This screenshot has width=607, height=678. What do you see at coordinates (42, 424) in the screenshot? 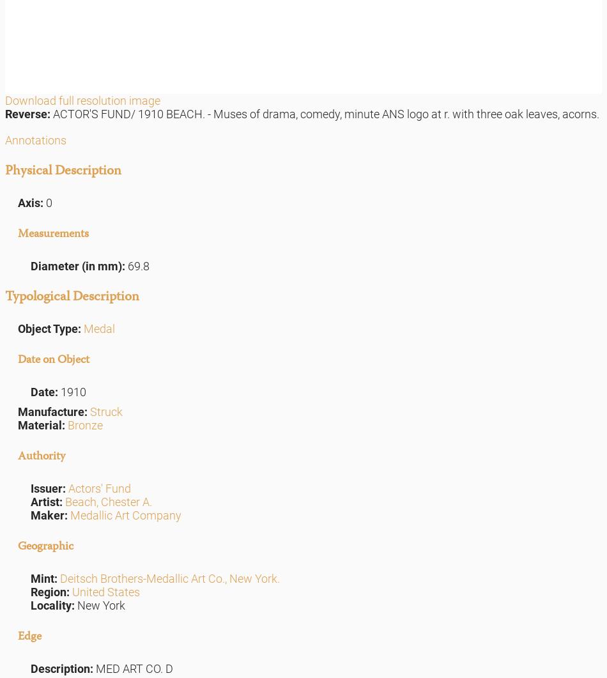
I see `'Material:'` at bounding box center [42, 424].